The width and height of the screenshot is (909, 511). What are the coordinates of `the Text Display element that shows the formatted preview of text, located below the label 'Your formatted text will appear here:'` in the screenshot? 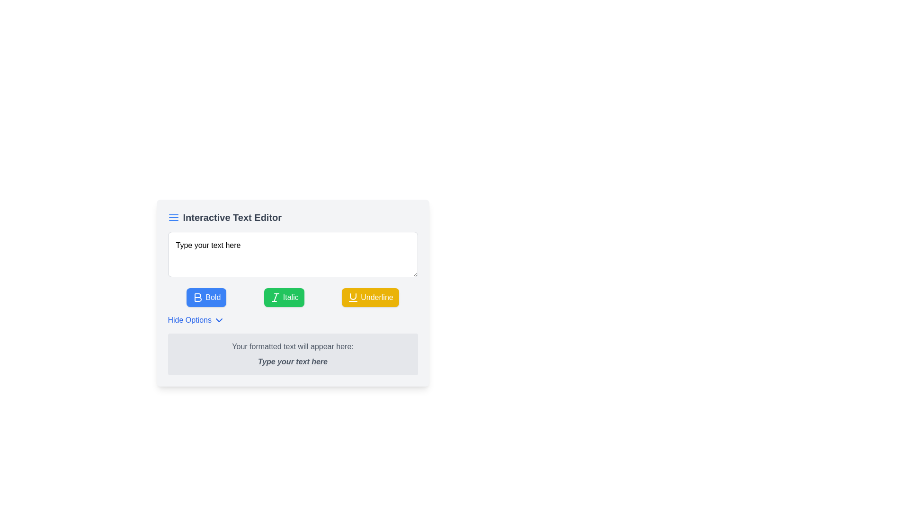 It's located at (292, 361).